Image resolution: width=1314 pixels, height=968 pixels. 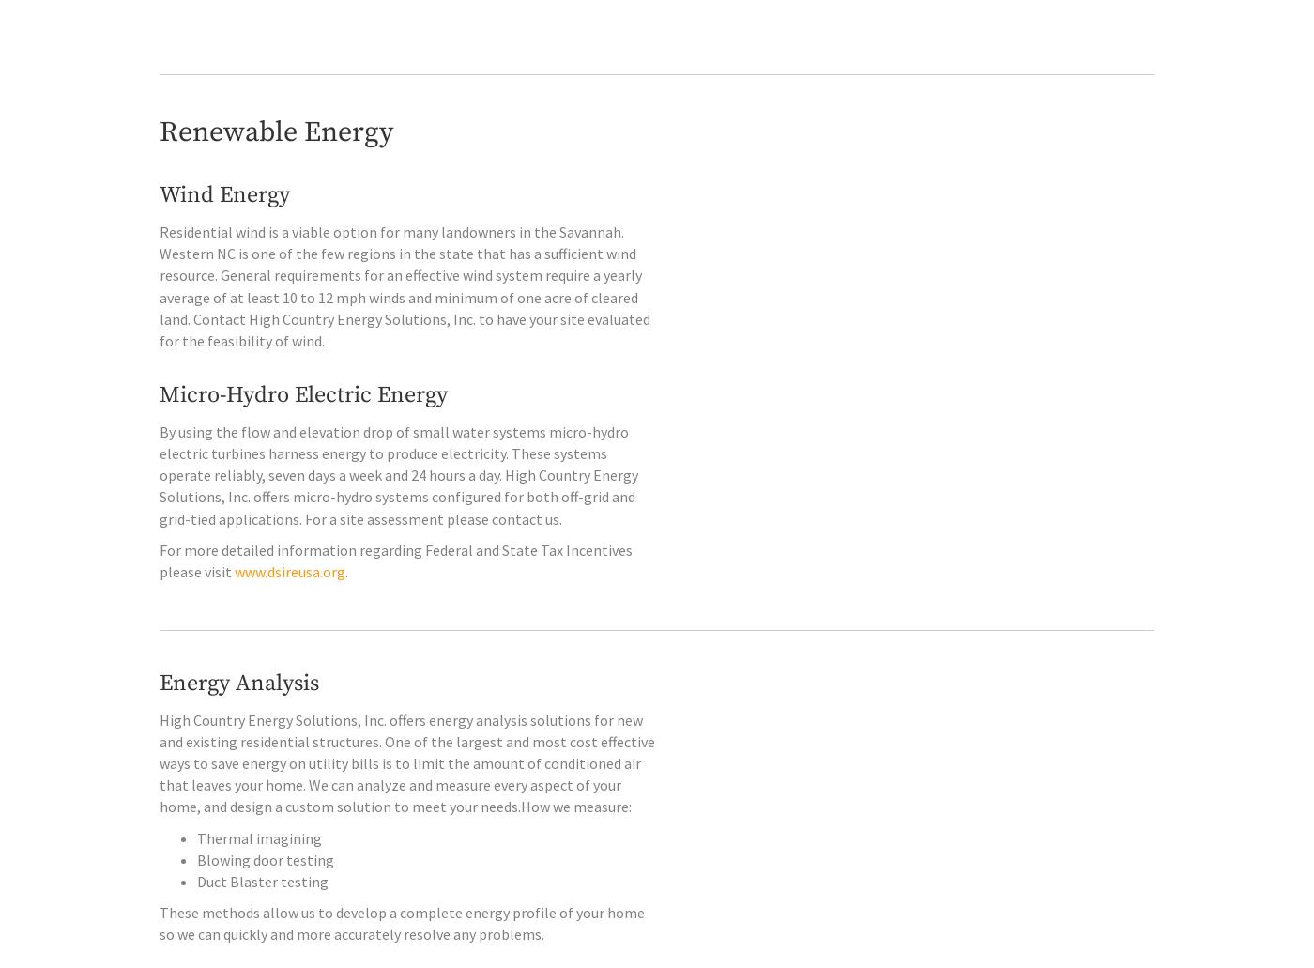 I want to click on 'For more detailed information regarding Federal and State Tax Incentives please visit', so click(x=395, y=599).